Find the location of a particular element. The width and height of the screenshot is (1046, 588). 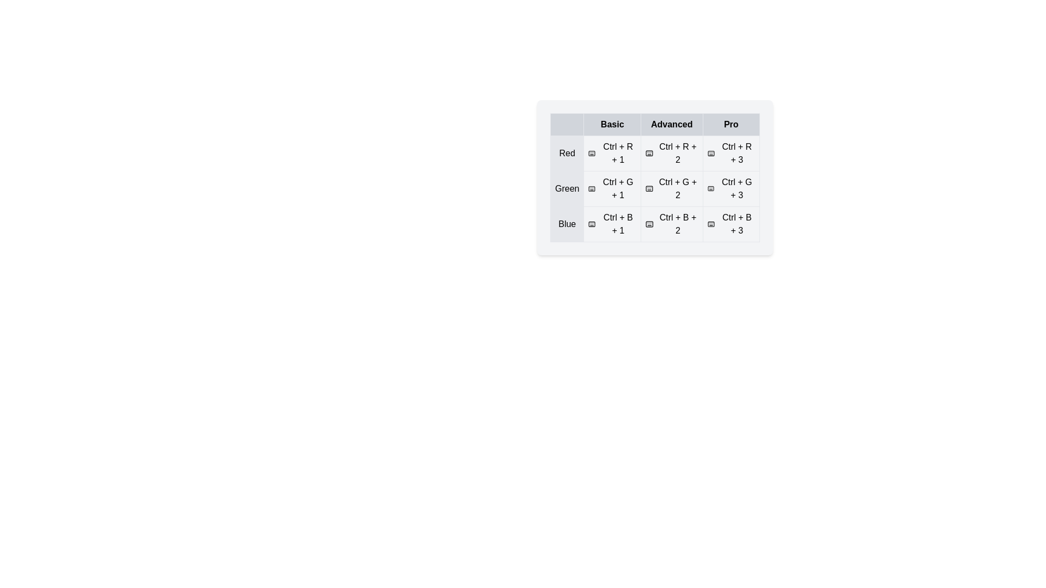

the label displaying 'Ctrl + B + 1' with a keyboard icon, located in the 'Basic' column under the 'Blue' row is located at coordinates (612, 224).